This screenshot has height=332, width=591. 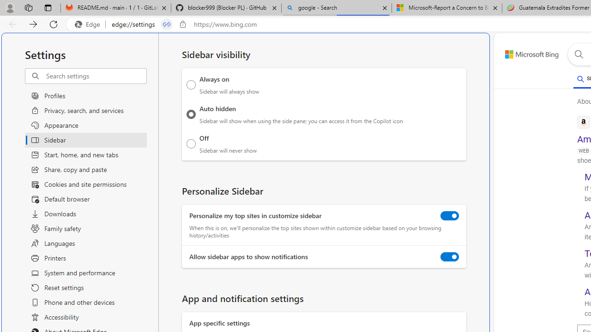 What do you see at coordinates (526, 53) in the screenshot?
I see `'Back to Bing search'` at bounding box center [526, 53].